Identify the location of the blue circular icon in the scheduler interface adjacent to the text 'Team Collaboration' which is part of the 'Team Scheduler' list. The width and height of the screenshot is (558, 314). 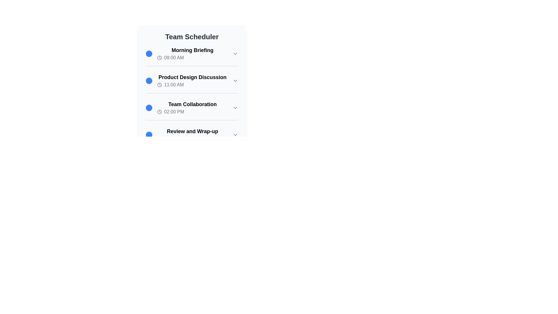
(149, 108).